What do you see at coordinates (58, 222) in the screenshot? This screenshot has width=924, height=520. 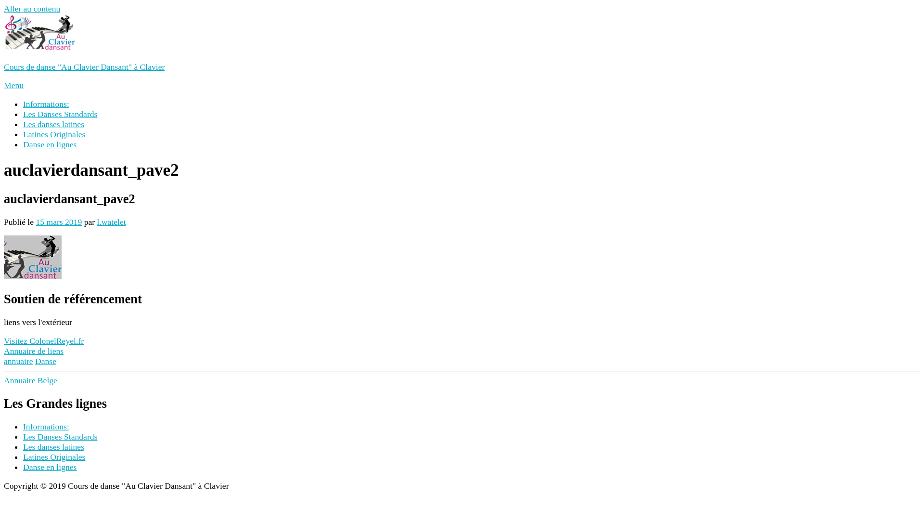 I see `'15 mars 2019'` at bounding box center [58, 222].